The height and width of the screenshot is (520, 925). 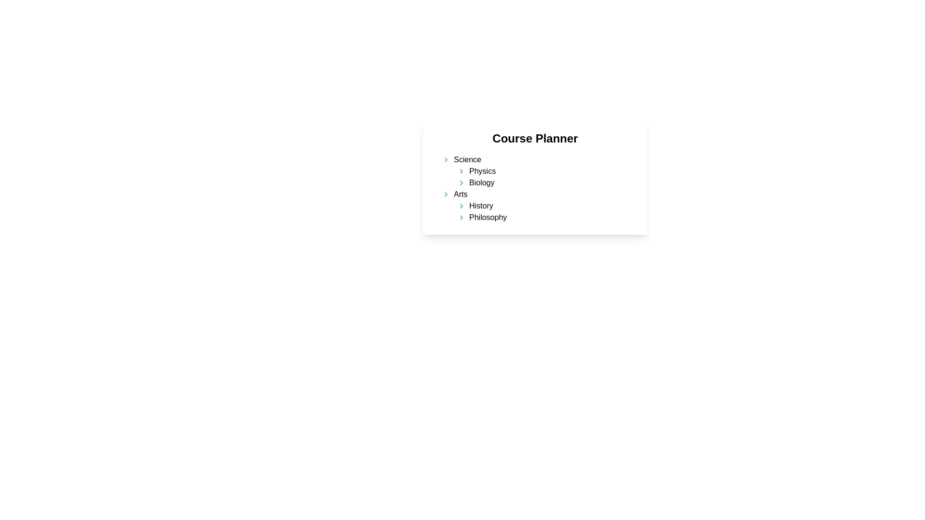 I want to click on the second list item under the 'Science' category, so click(x=546, y=183).